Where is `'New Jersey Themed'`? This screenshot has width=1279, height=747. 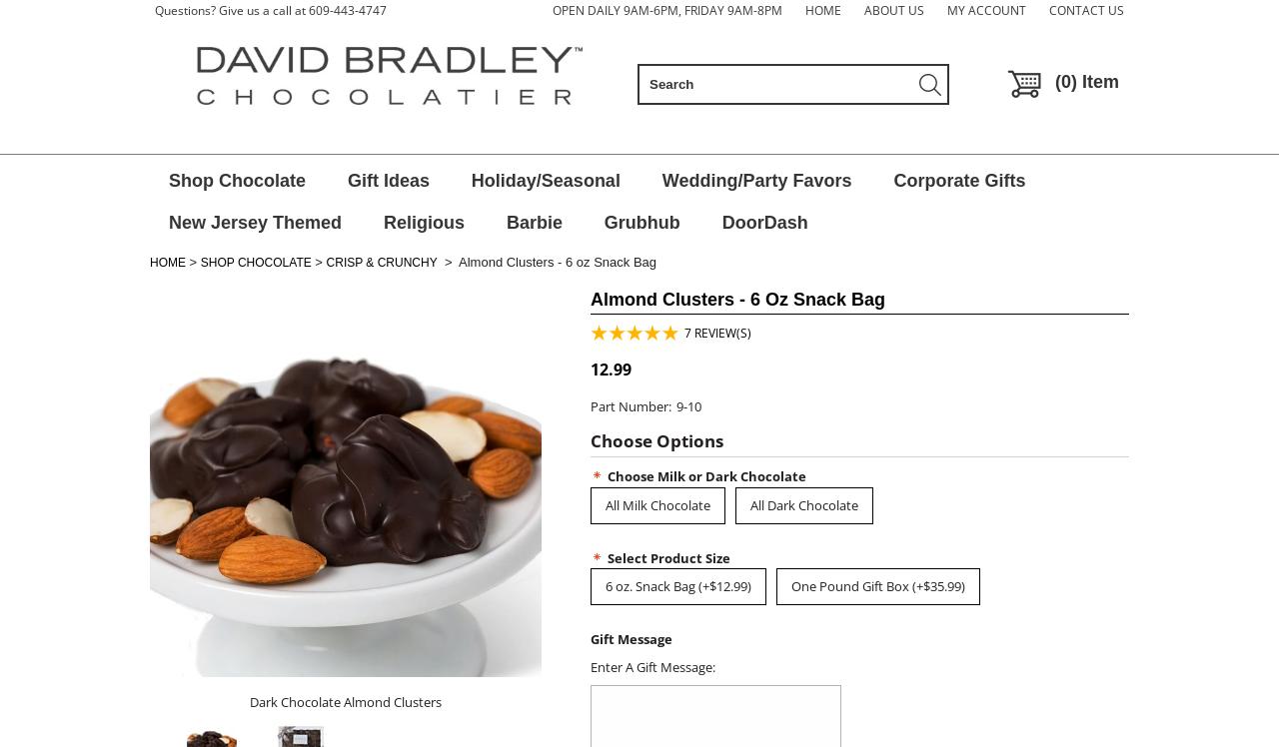 'New Jersey Themed' is located at coordinates (254, 222).